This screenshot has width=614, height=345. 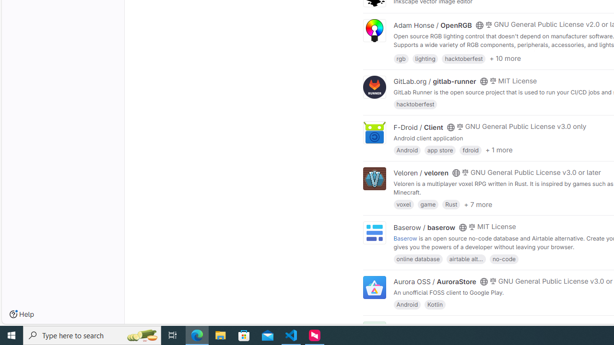 I want to click on 'game', so click(x=427, y=204).